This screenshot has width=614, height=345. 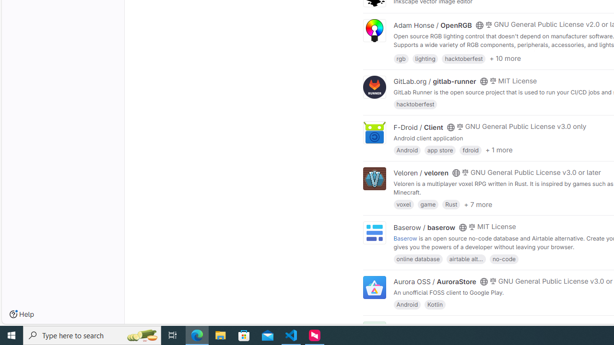 I want to click on 'game', so click(x=427, y=204).